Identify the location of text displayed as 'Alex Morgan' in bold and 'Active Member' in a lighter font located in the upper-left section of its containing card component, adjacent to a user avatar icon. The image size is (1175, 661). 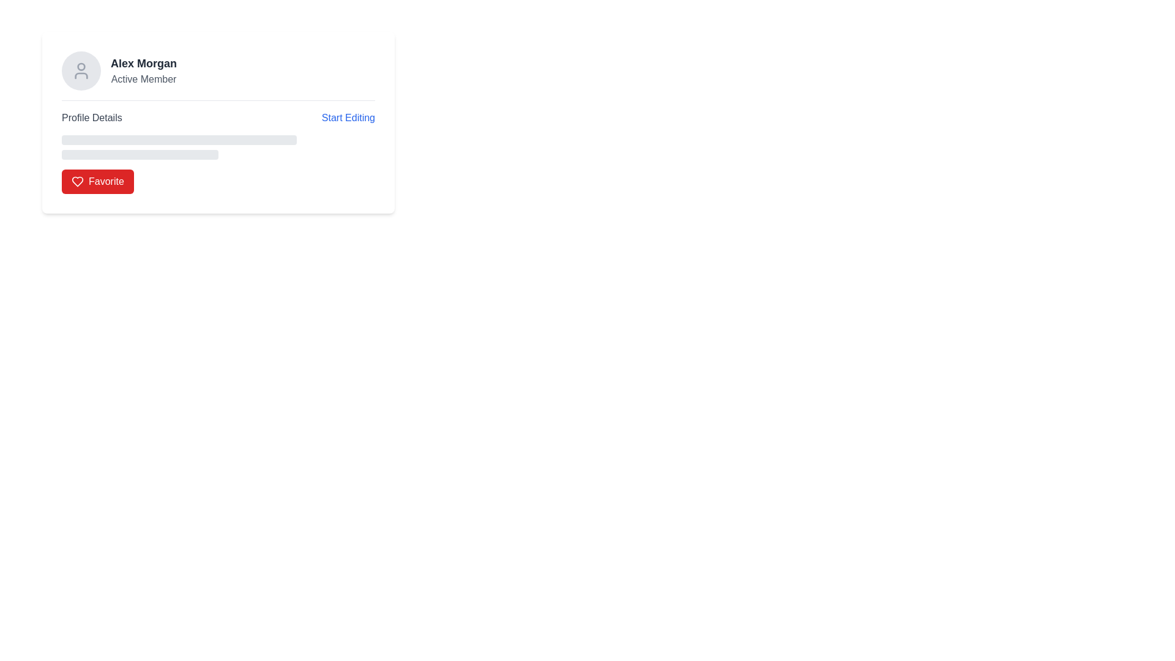
(144, 70).